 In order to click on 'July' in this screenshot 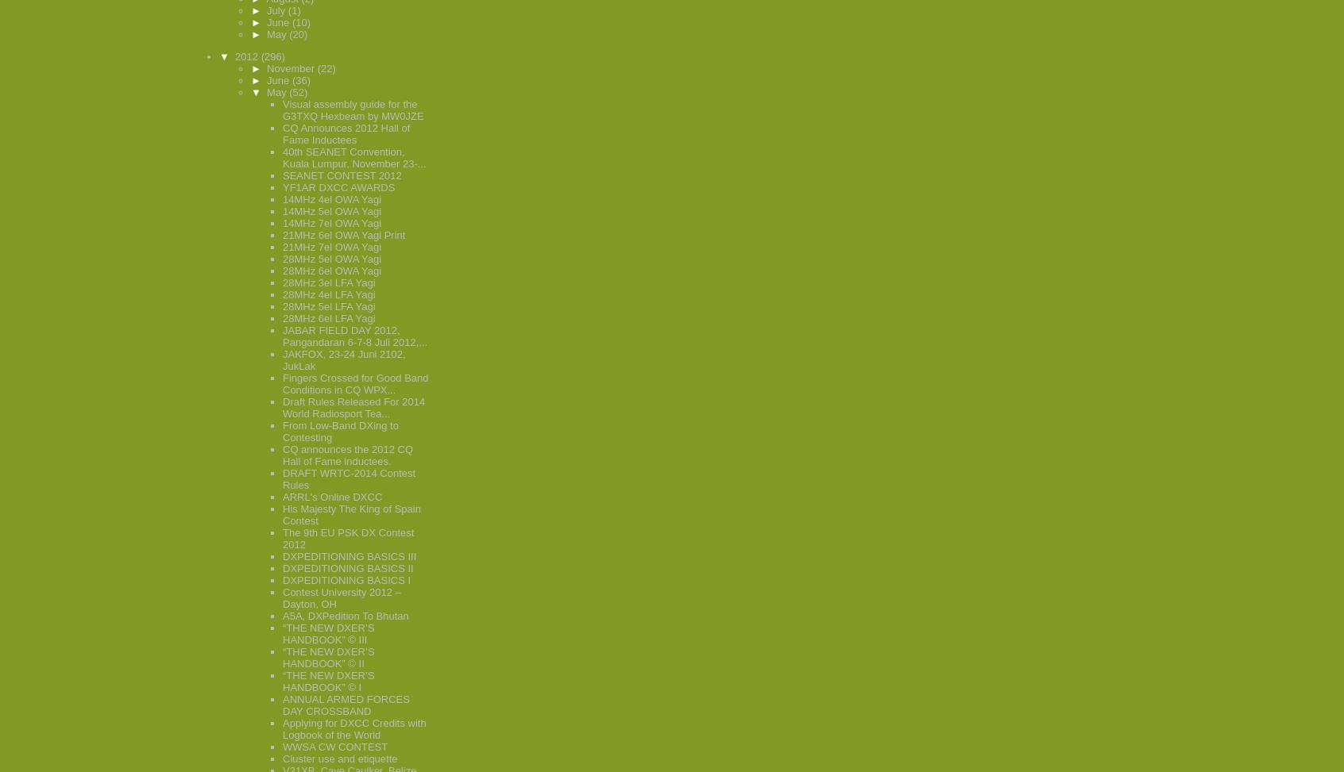, I will do `click(266, 10)`.